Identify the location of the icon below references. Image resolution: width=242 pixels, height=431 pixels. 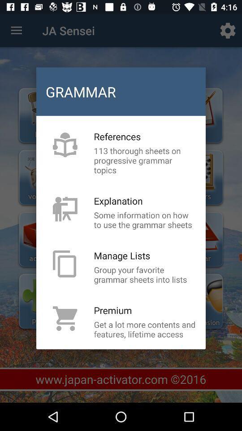
(145, 160).